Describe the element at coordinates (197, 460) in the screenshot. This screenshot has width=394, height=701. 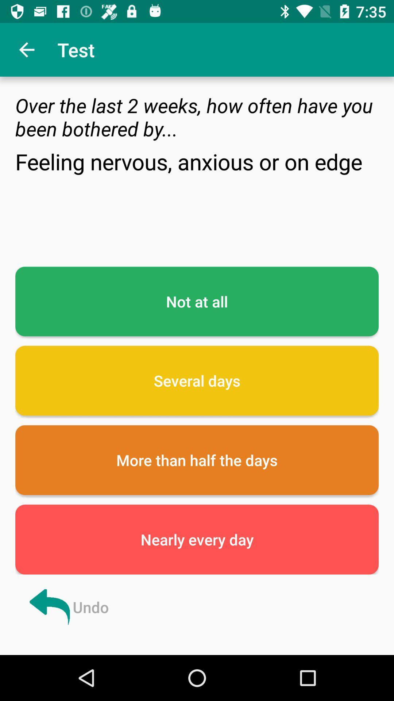
I see `the more than half` at that location.